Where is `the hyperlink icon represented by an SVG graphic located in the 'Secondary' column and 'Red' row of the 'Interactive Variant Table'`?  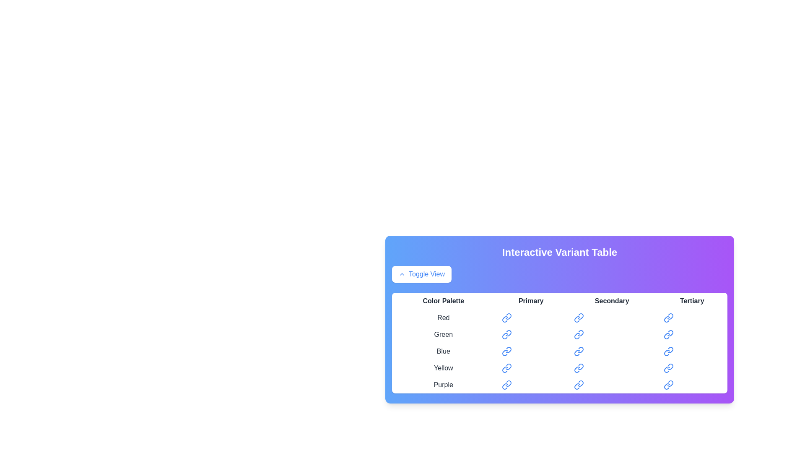
the hyperlink icon represented by an SVG graphic located in the 'Secondary' column and 'Red' row of the 'Interactive Variant Table' is located at coordinates (576, 319).